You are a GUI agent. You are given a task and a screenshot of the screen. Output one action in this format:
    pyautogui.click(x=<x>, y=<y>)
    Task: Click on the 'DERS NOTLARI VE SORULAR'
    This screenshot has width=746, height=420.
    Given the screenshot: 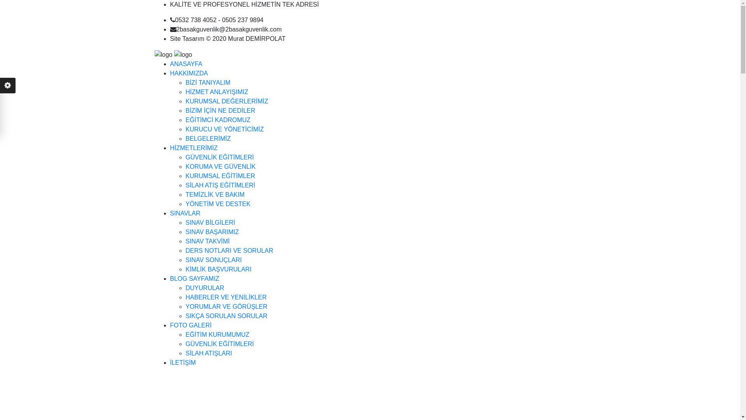 What is the action you would take?
    pyautogui.click(x=229, y=250)
    